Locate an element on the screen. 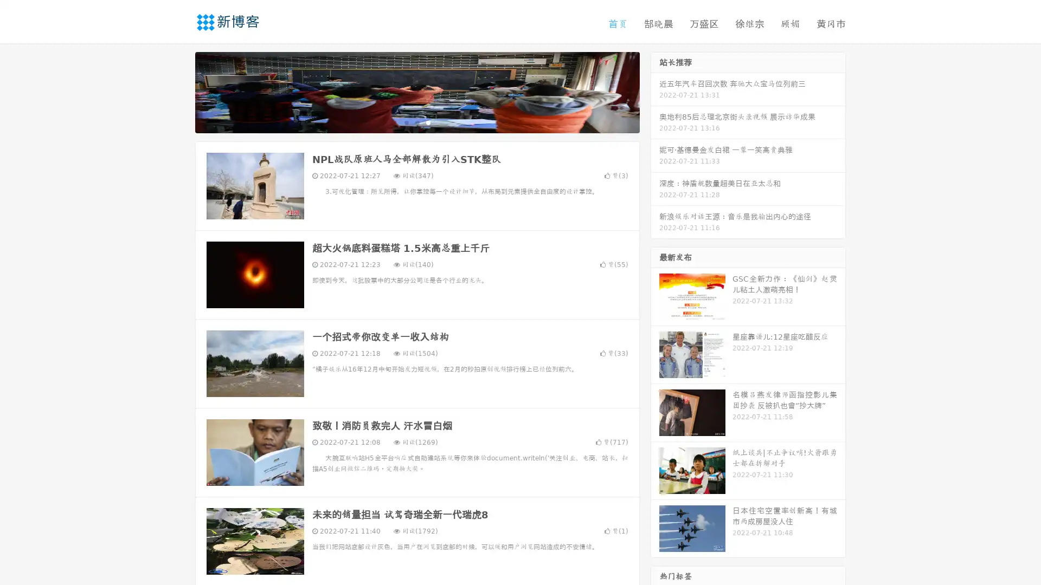 Image resolution: width=1041 pixels, height=585 pixels. Go to slide 3 is located at coordinates (428, 122).